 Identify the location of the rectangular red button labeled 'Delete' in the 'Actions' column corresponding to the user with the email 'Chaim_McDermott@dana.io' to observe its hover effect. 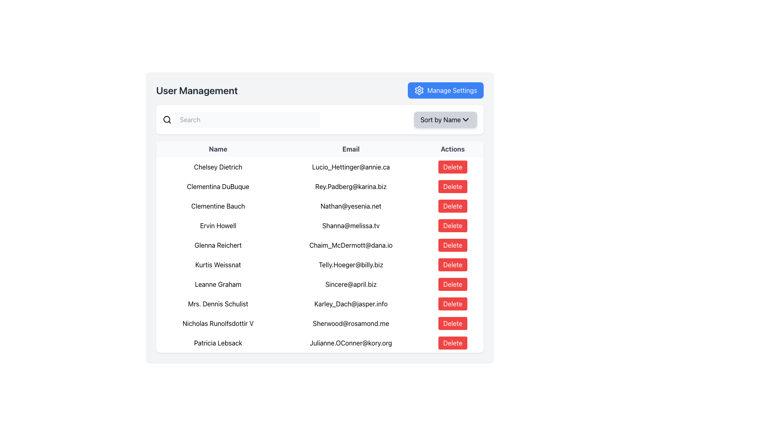
(452, 244).